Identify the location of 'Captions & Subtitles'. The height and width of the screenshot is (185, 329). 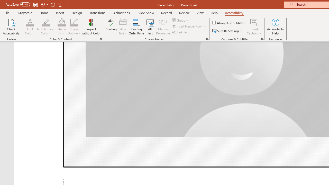
(262, 39).